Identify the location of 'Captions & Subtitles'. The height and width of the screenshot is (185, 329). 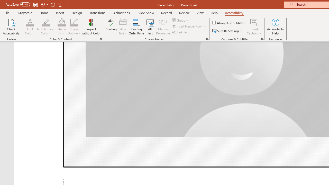
(262, 39).